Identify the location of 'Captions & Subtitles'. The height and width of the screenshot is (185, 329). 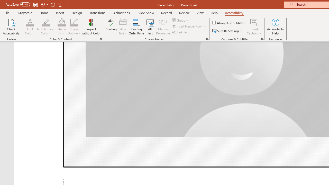
(262, 39).